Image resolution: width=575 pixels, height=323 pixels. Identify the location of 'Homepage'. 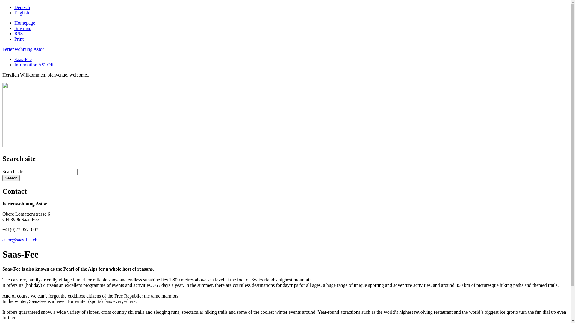
(24, 22).